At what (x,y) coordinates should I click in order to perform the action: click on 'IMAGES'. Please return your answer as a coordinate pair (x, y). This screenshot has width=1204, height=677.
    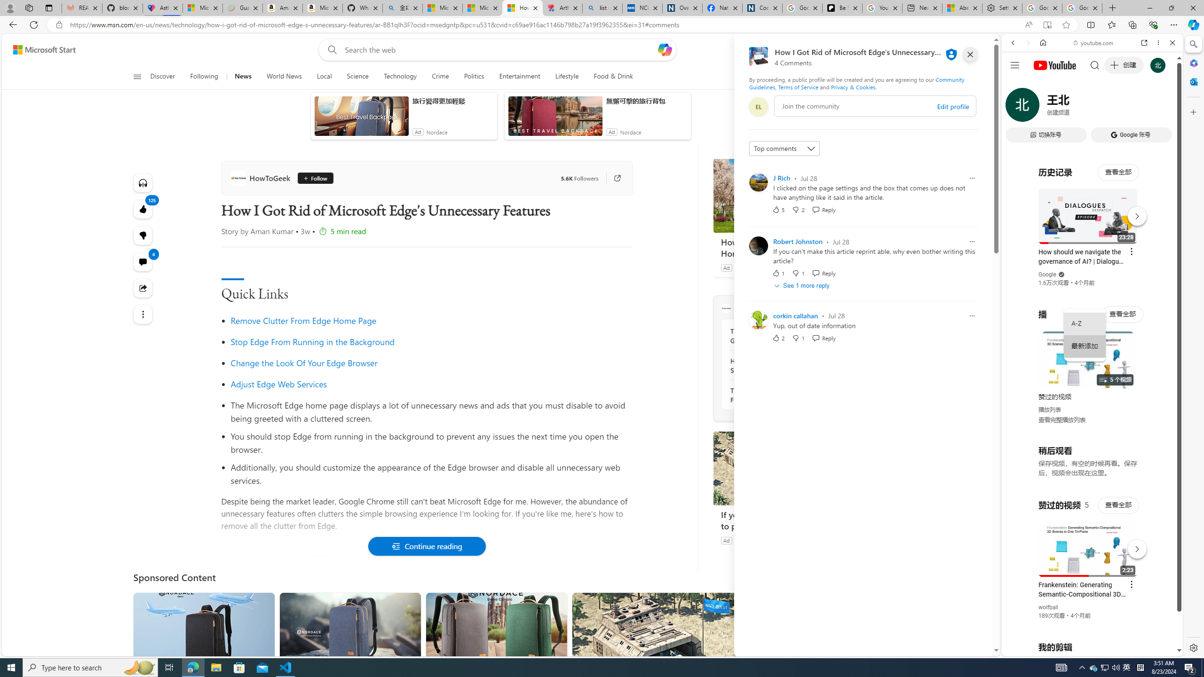
    Looking at the image, I should click on (1044, 108).